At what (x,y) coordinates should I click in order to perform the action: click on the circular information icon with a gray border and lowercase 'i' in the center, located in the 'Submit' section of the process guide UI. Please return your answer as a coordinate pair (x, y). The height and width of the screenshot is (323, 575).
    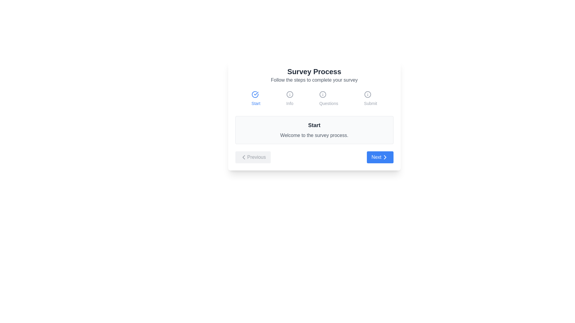
    Looking at the image, I should click on (370, 94).